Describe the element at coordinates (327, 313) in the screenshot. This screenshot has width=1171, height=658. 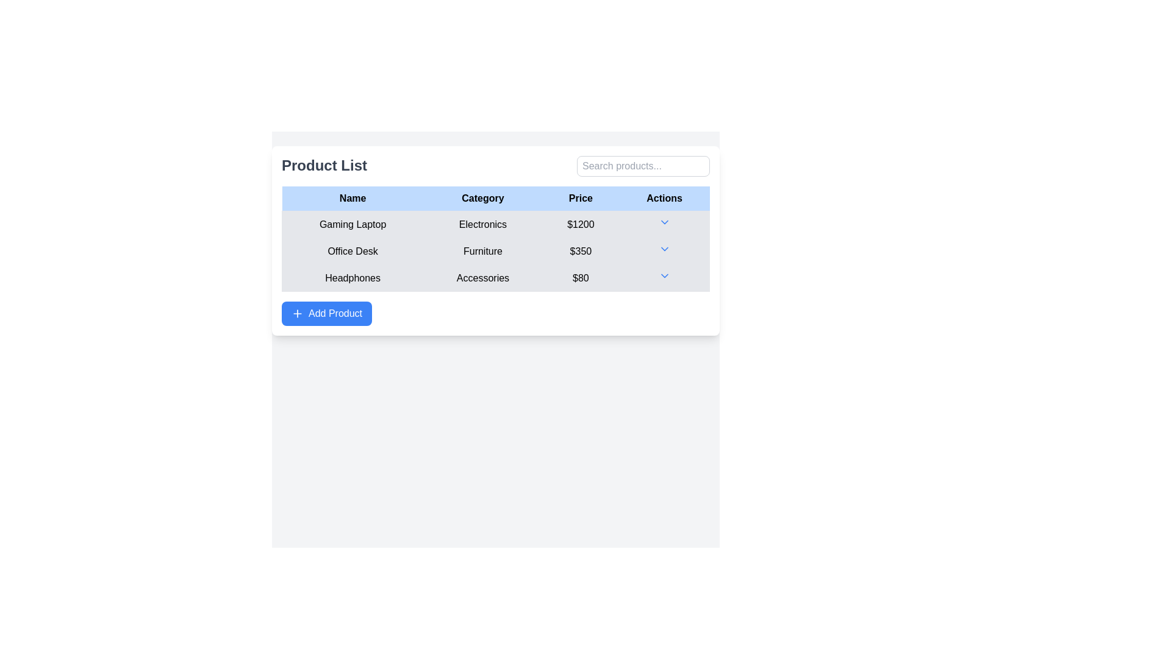
I see `the blue button labeled 'Add Product' with a plus icon` at that location.